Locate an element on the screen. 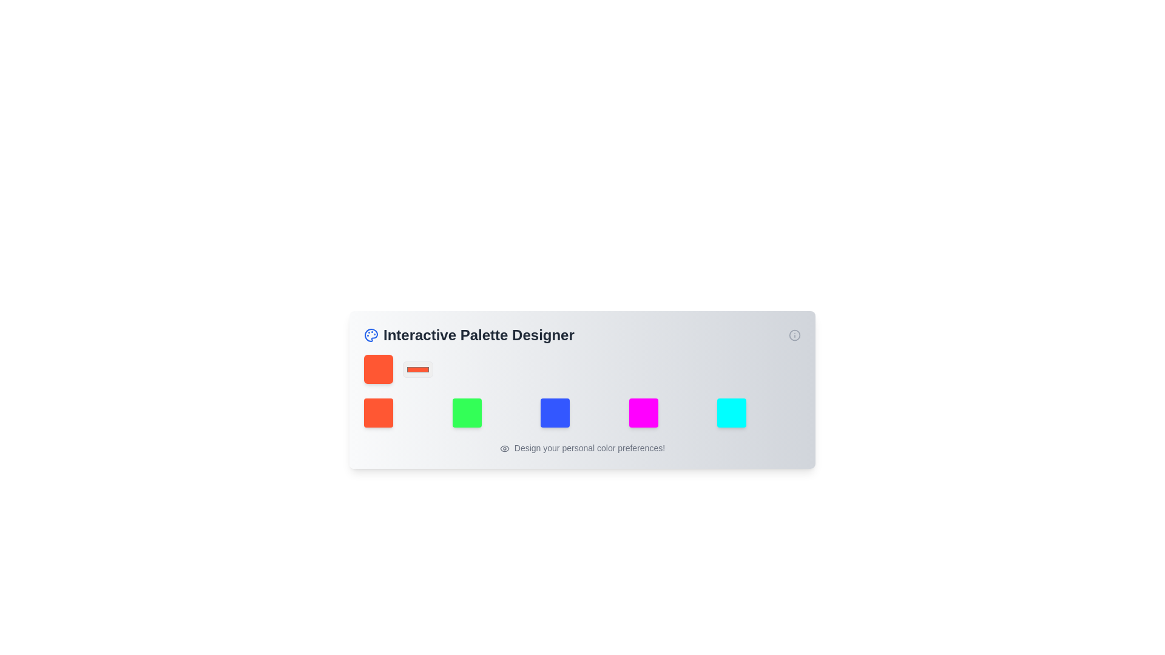  the vibrant orange circular button located in the bottom left corner of the 'Interactive Palette Designer' section is located at coordinates (378, 412).